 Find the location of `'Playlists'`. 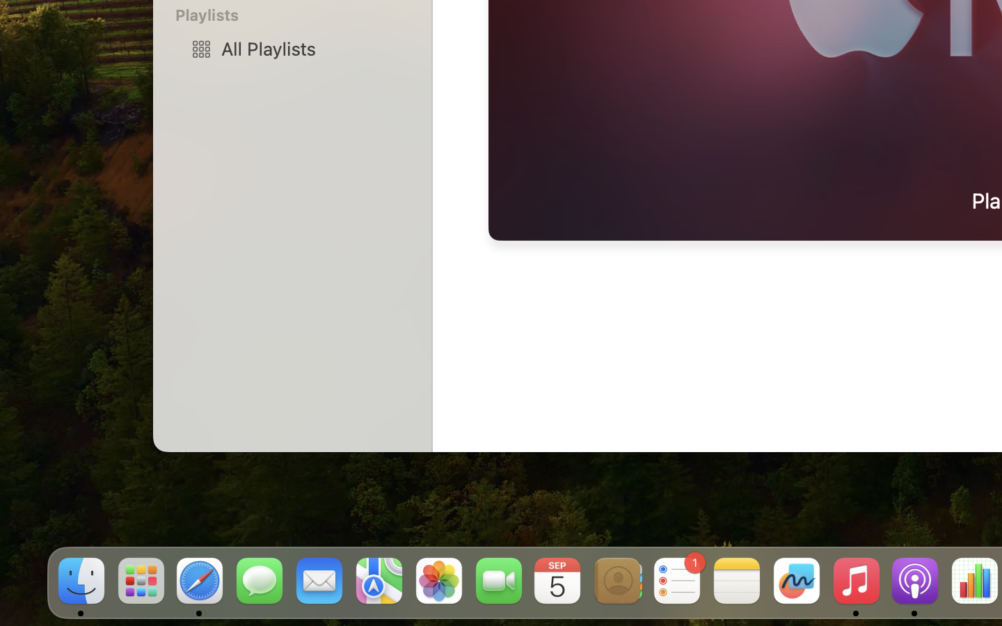

'Playlists' is located at coordinates (301, 14).